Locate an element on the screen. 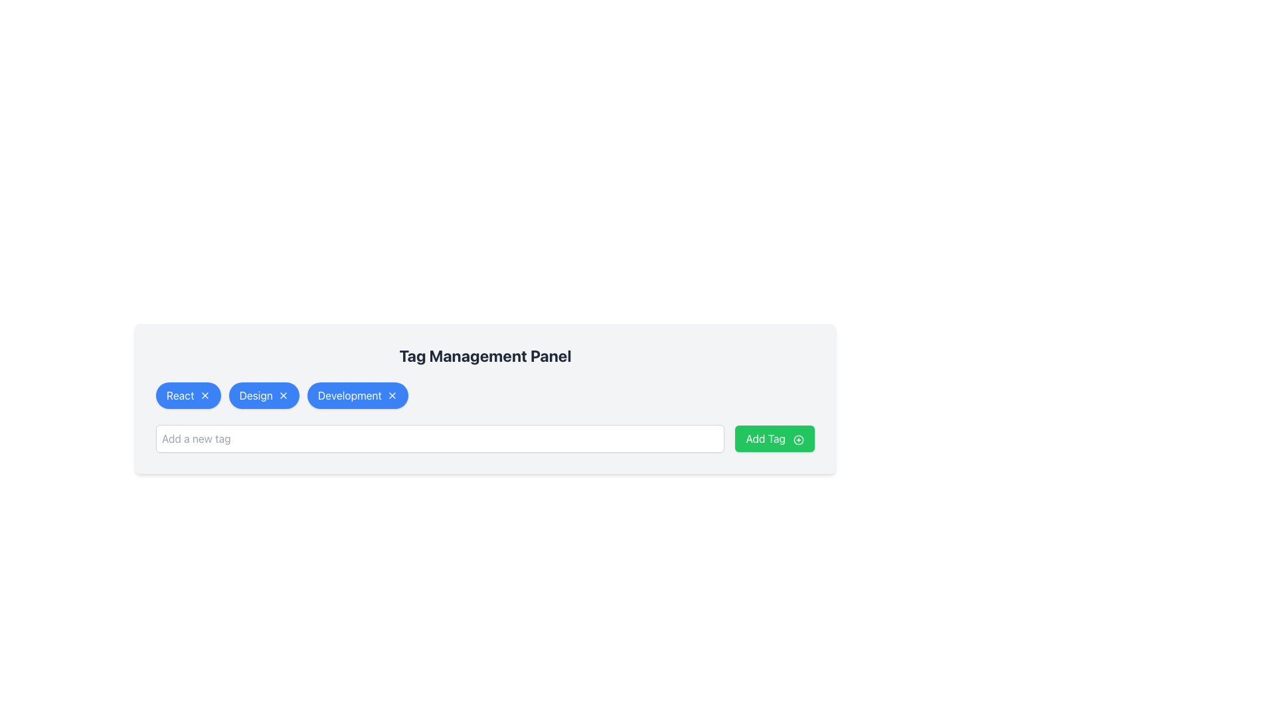 This screenshot has width=1275, height=717. the 'Development' tag button in the tag management panel, which is the third tag button in a row of three tags: 'React', 'Design', and 'Development' is located at coordinates (357, 395).